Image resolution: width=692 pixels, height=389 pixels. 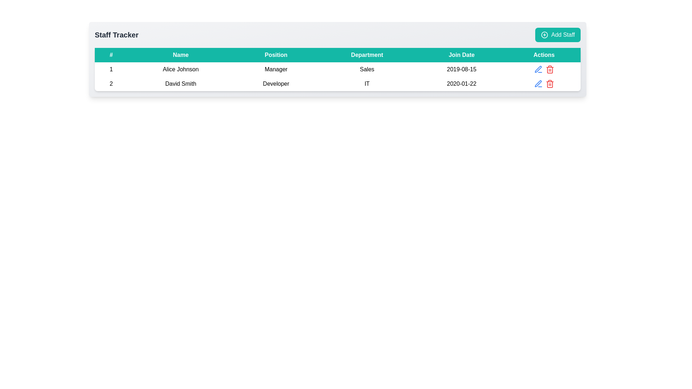 I want to click on the read-only text element displaying the joining date of the staff member in the first row of the data table, located under the 'Join Date' header, so click(x=462, y=69).